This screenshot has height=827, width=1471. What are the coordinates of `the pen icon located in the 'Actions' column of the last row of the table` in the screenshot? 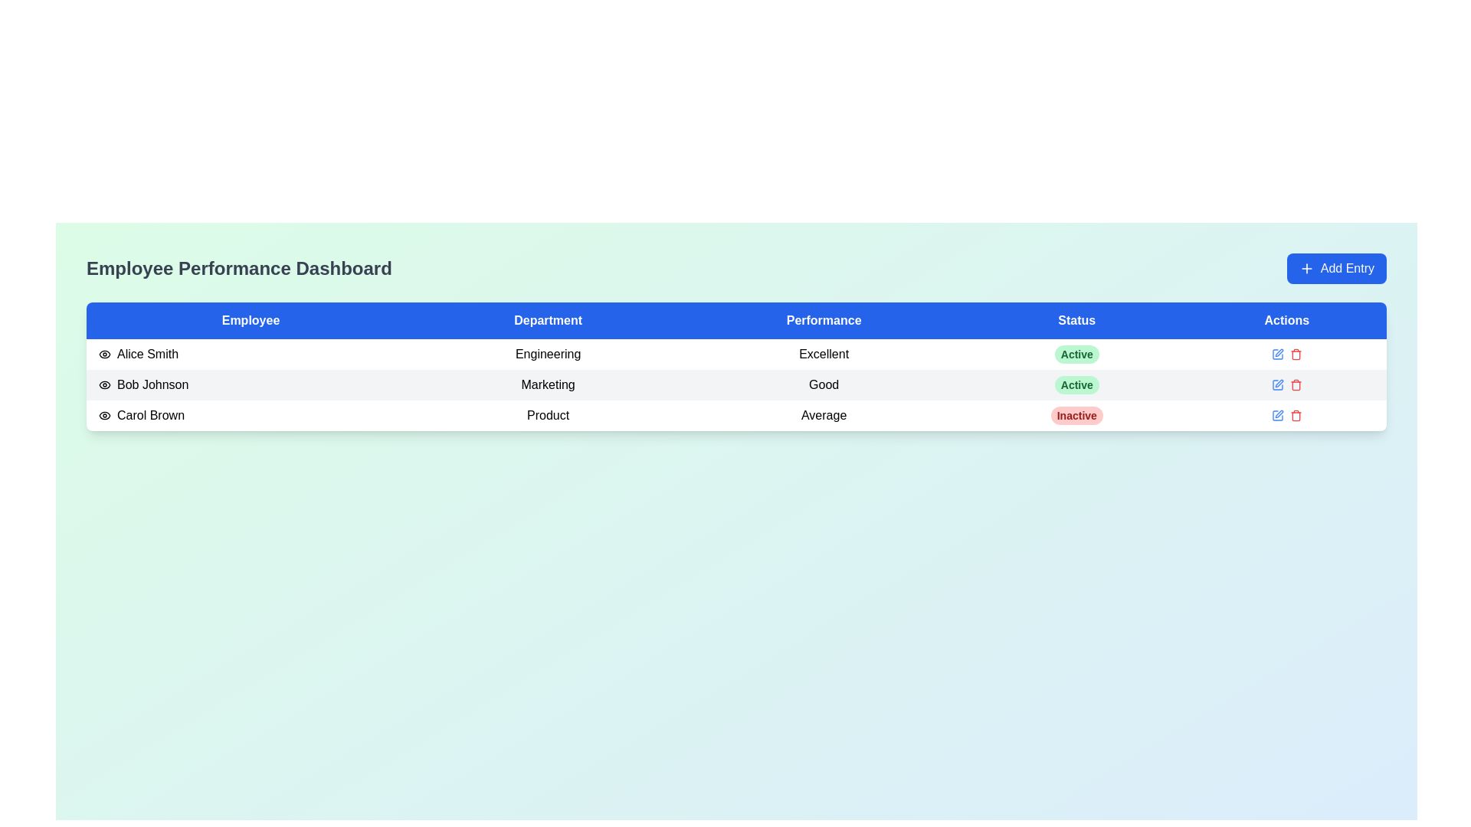 It's located at (1279, 413).